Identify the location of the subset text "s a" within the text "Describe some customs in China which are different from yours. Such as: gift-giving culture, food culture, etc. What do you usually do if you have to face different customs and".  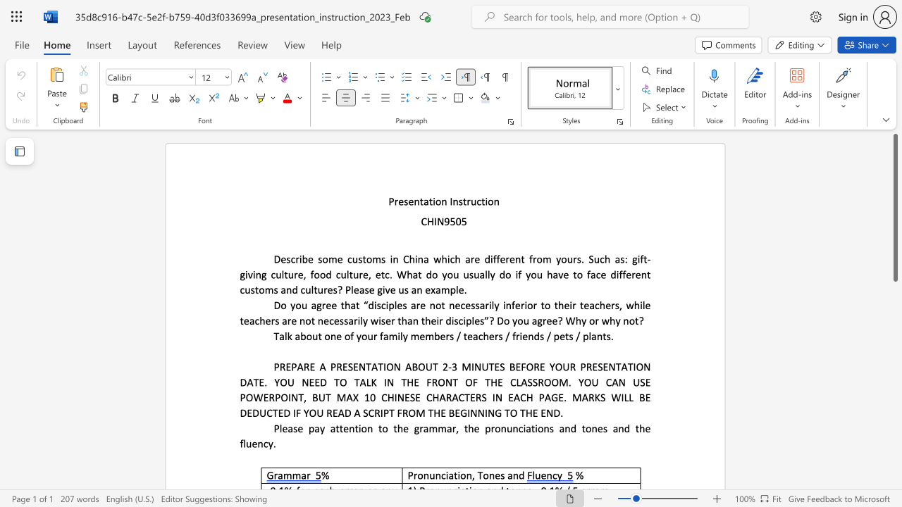
(273, 289).